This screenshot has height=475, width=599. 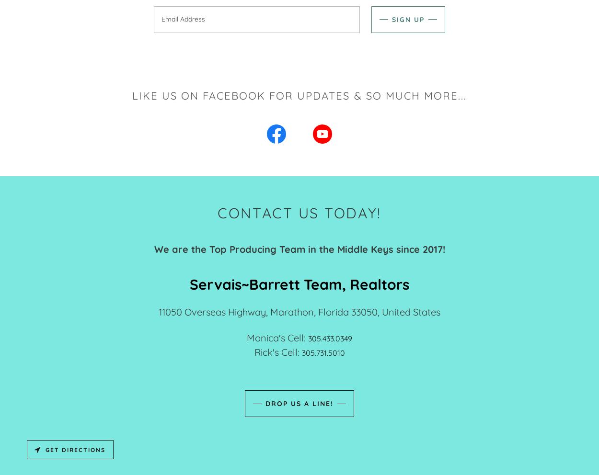 What do you see at coordinates (299, 312) in the screenshot?
I see `'11050 Overseas Highway, Marathon, Florida 33050, United States'` at bounding box center [299, 312].